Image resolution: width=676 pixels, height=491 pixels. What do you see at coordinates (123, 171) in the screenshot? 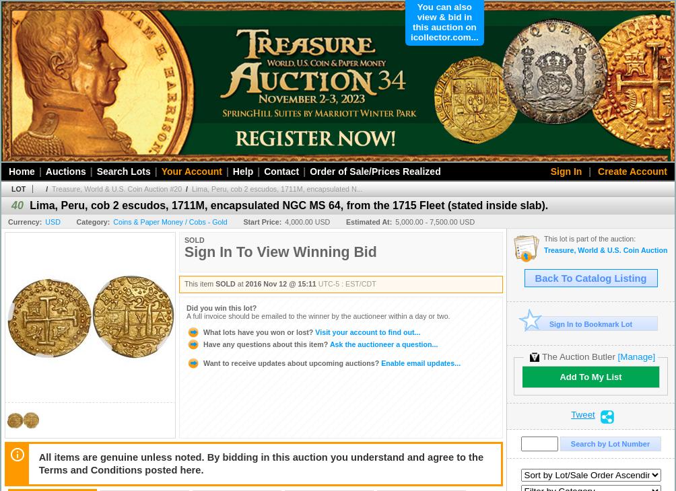
I see `'Search Lots'` at bounding box center [123, 171].